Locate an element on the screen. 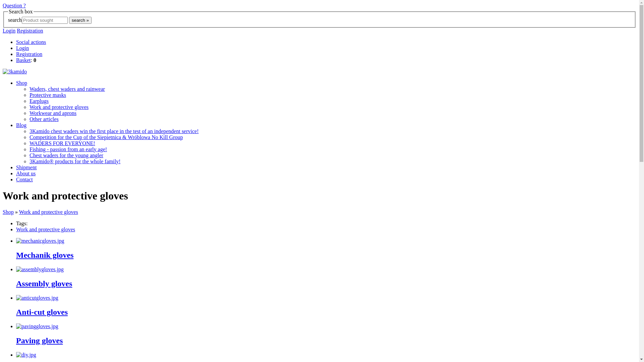 The image size is (644, 362). 'WADERS FOR EVERYONE!' is located at coordinates (62, 143).